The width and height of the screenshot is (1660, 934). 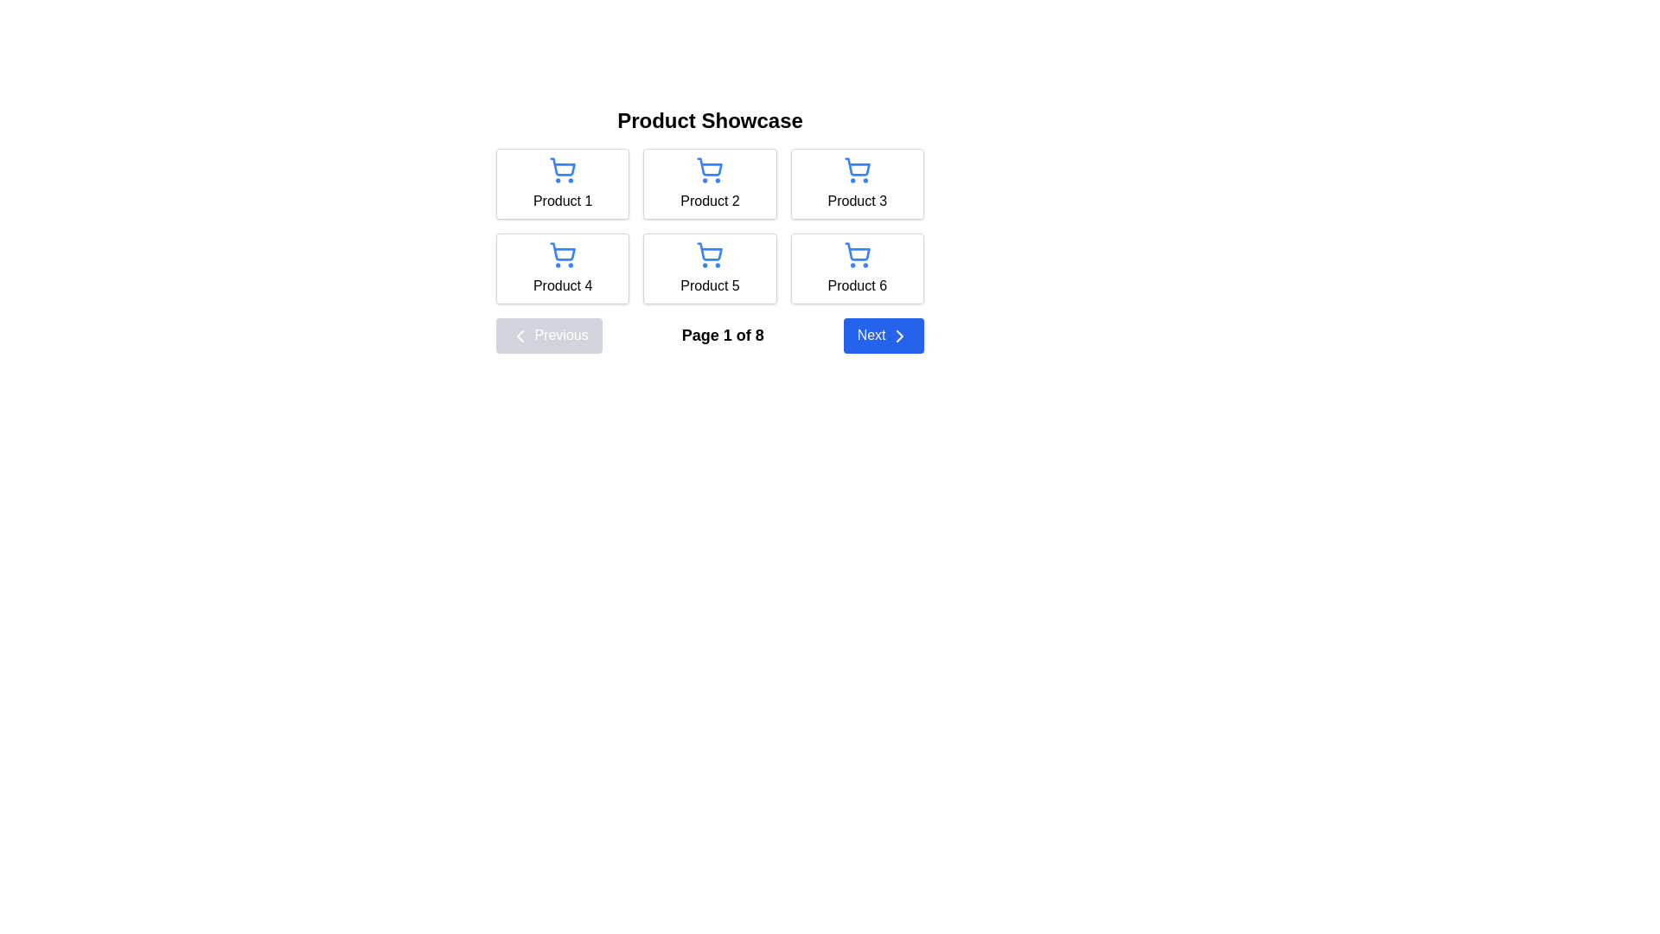 I want to click on the 'Add to Cart' icon located at the top center of the 'Product 4' panel, so click(x=563, y=254).